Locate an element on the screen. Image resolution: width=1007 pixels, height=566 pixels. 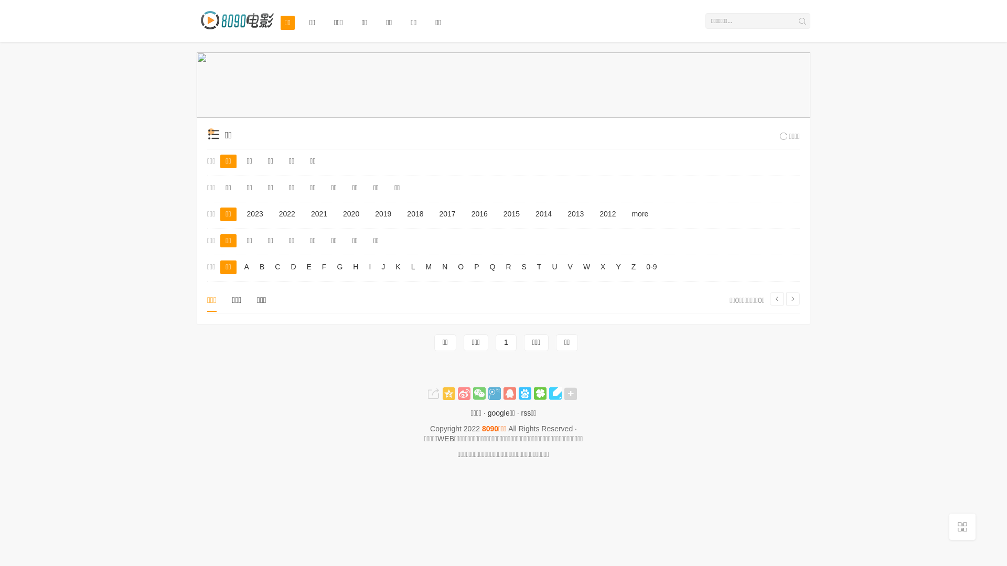
'H' is located at coordinates (355, 266).